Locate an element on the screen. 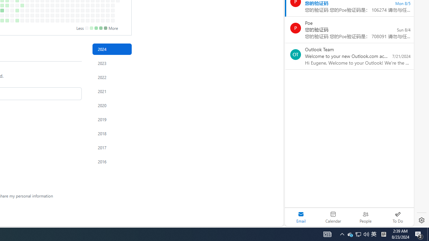 The height and width of the screenshot is (241, 429). 'Calendar. Date today is 22' is located at coordinates (333, 217).